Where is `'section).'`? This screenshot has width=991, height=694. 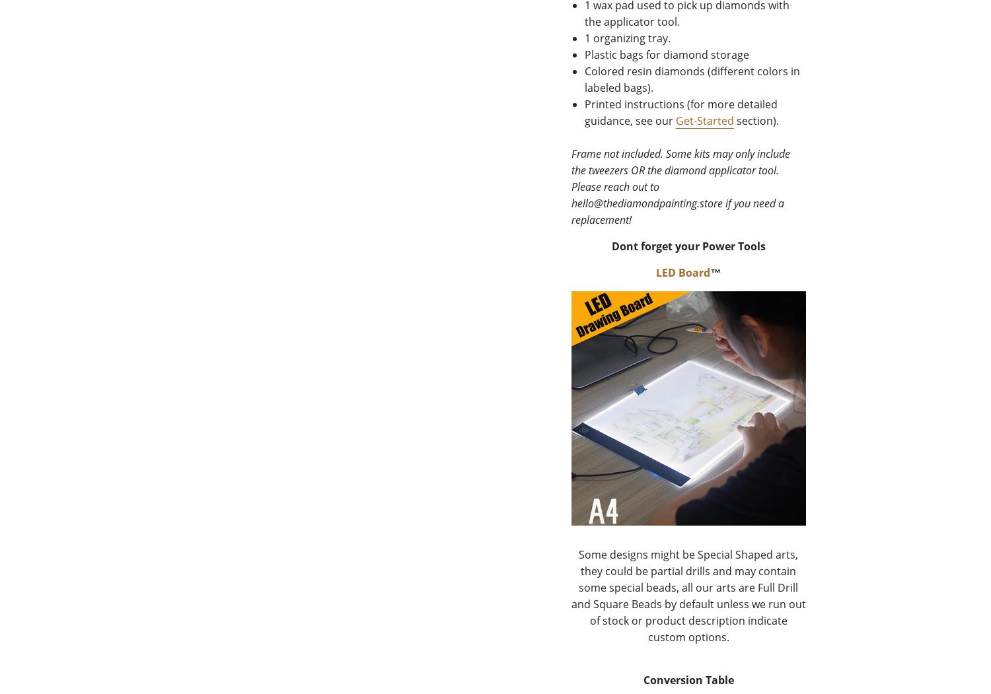
'section).' is located at coordinates (756, 120).